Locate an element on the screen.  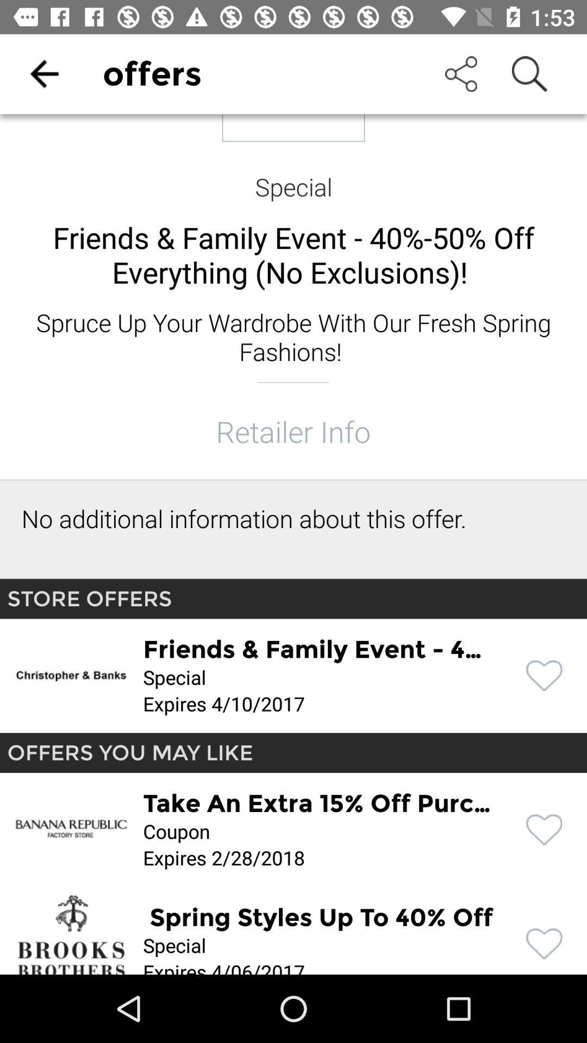
the retailer info item is located at coordinates (292, 430).